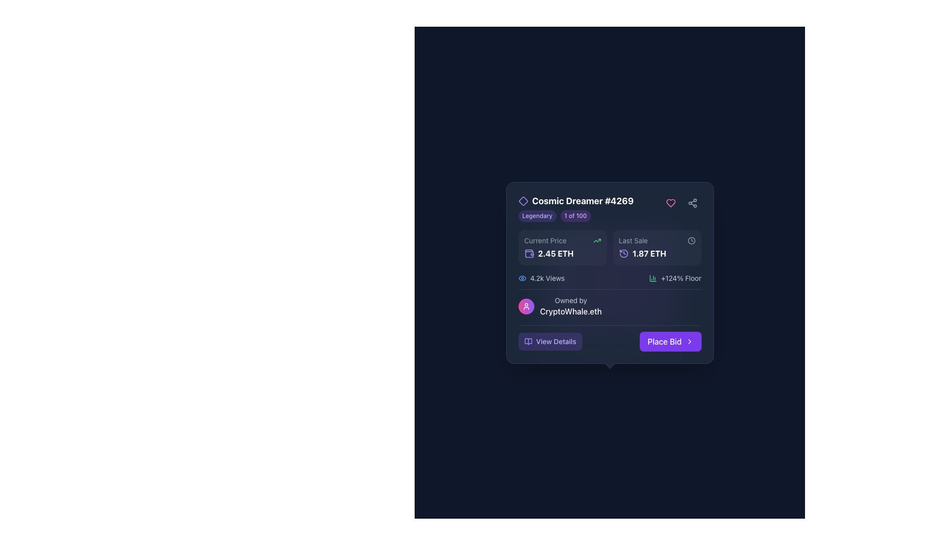  Describe the element at coordinates (623, 253) in the screenshot. I see `the historical event icon located to the right of the 'Last Sale' label for 'Cosmic Dreamer #4269'` at that location.